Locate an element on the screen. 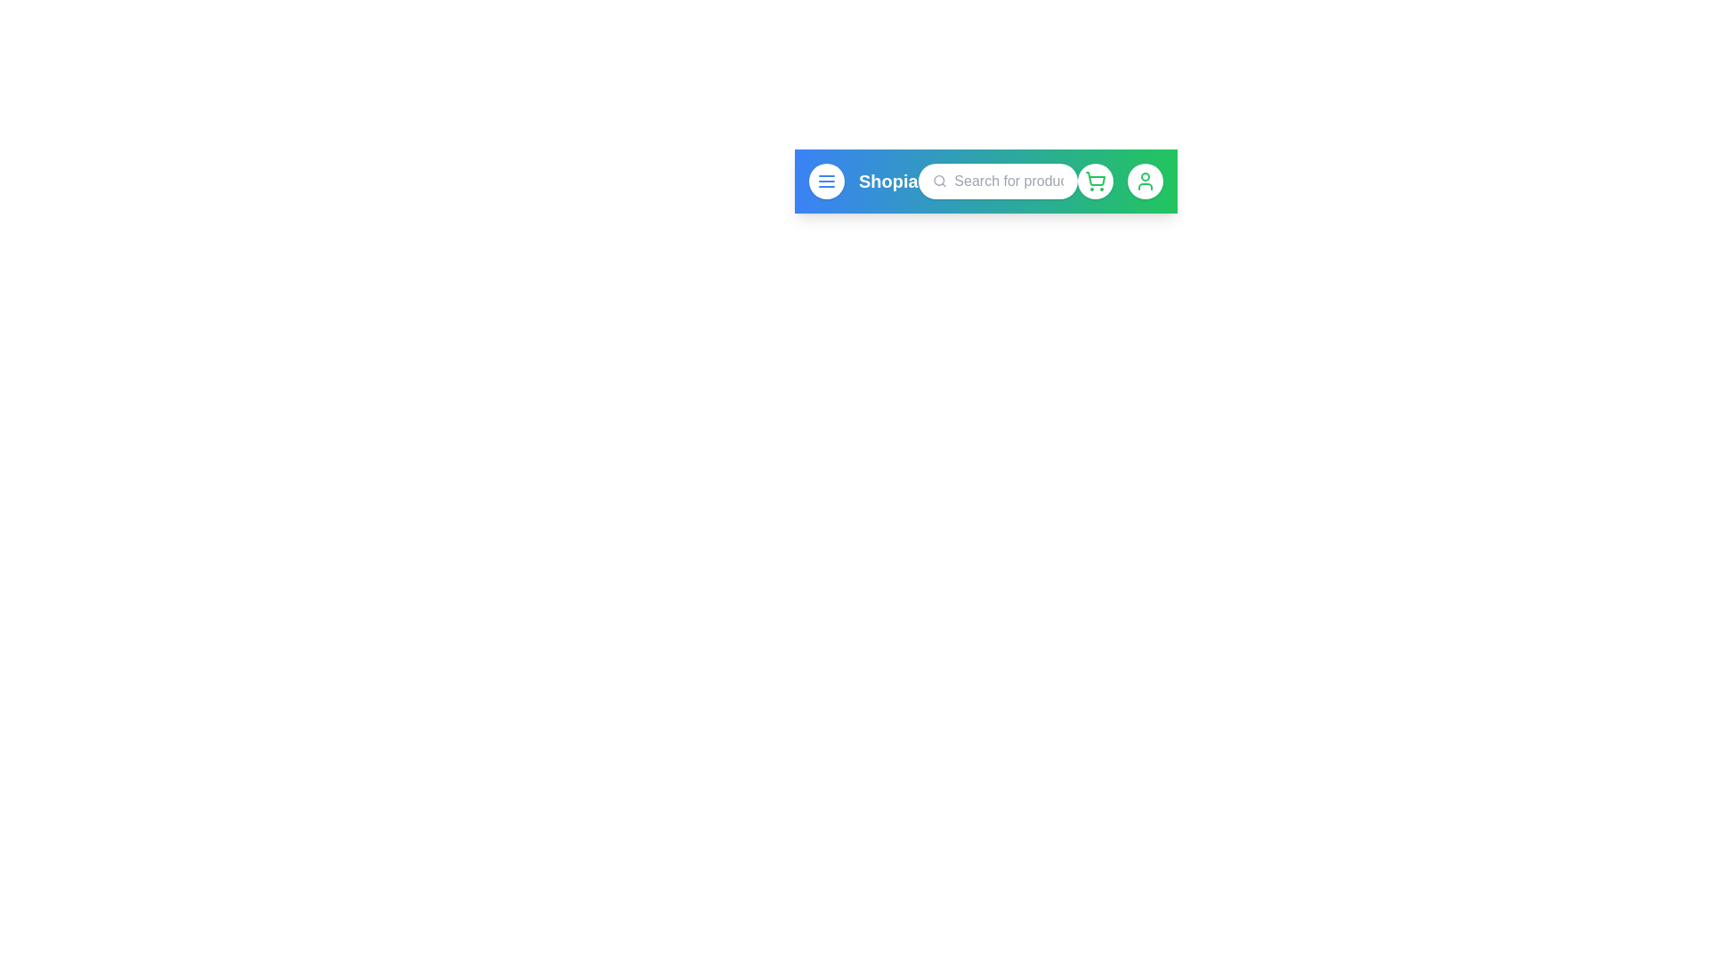  the menu button to open the menu is located at coordinates (826, 182).